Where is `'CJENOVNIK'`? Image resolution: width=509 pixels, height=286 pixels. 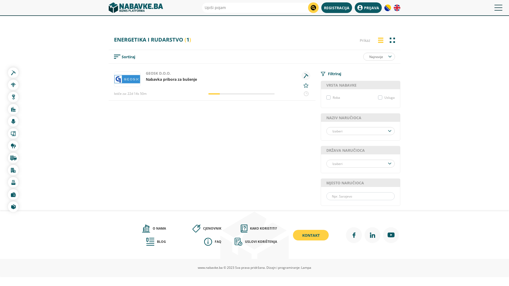 'CJENOVNIK' is located at coordinates (193, 228).